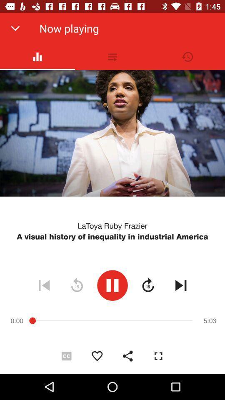 This screenshot has height=400, width=225. Describe the element at coordinates (147, 285) in the screenshot. I see `icon below a visual history icon` at that location.